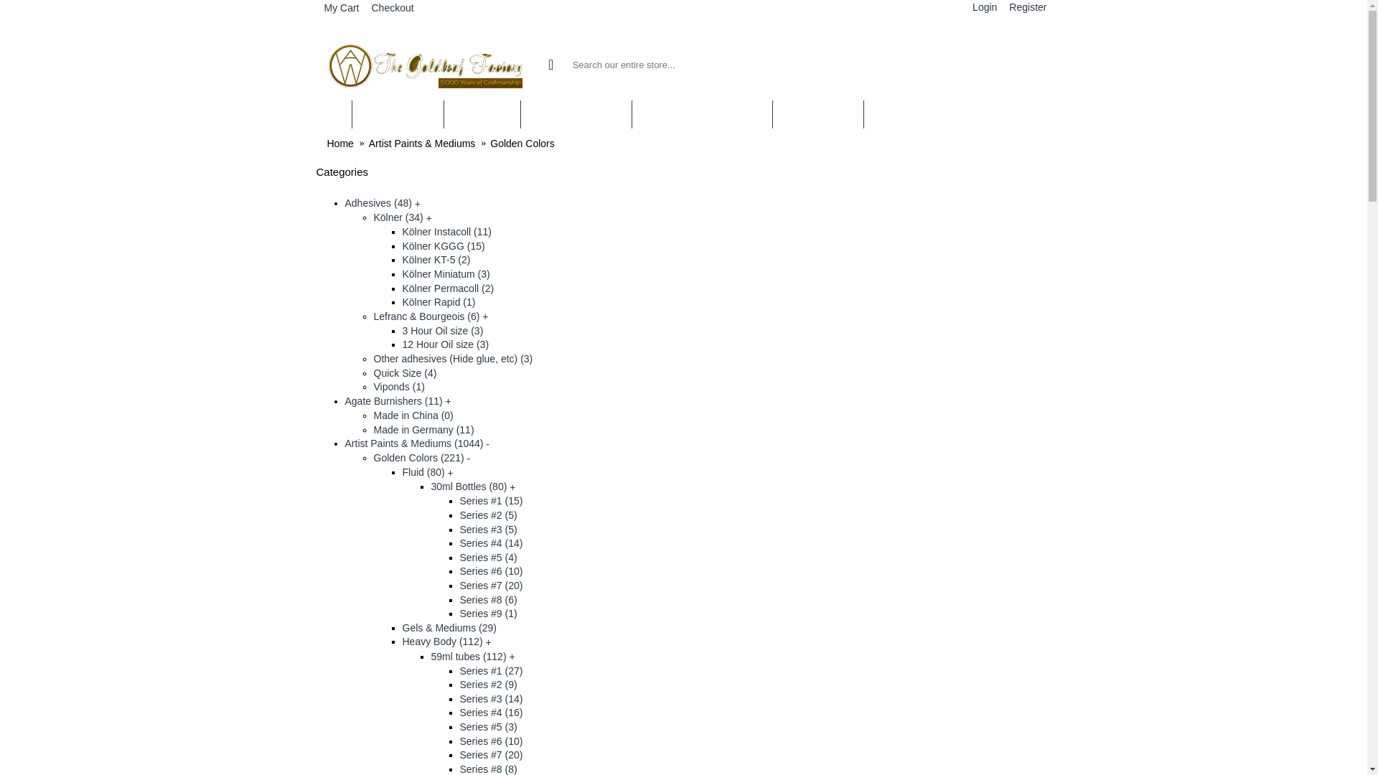 Image resolution: width=1378 pixels, height=775 pixels. I want to click on '3 Hour Oil size (3)', so click(441, 331).